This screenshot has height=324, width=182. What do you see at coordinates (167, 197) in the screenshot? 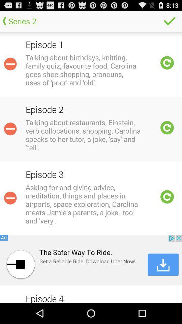
I see `refresh option` at bounding box center [167, 197].